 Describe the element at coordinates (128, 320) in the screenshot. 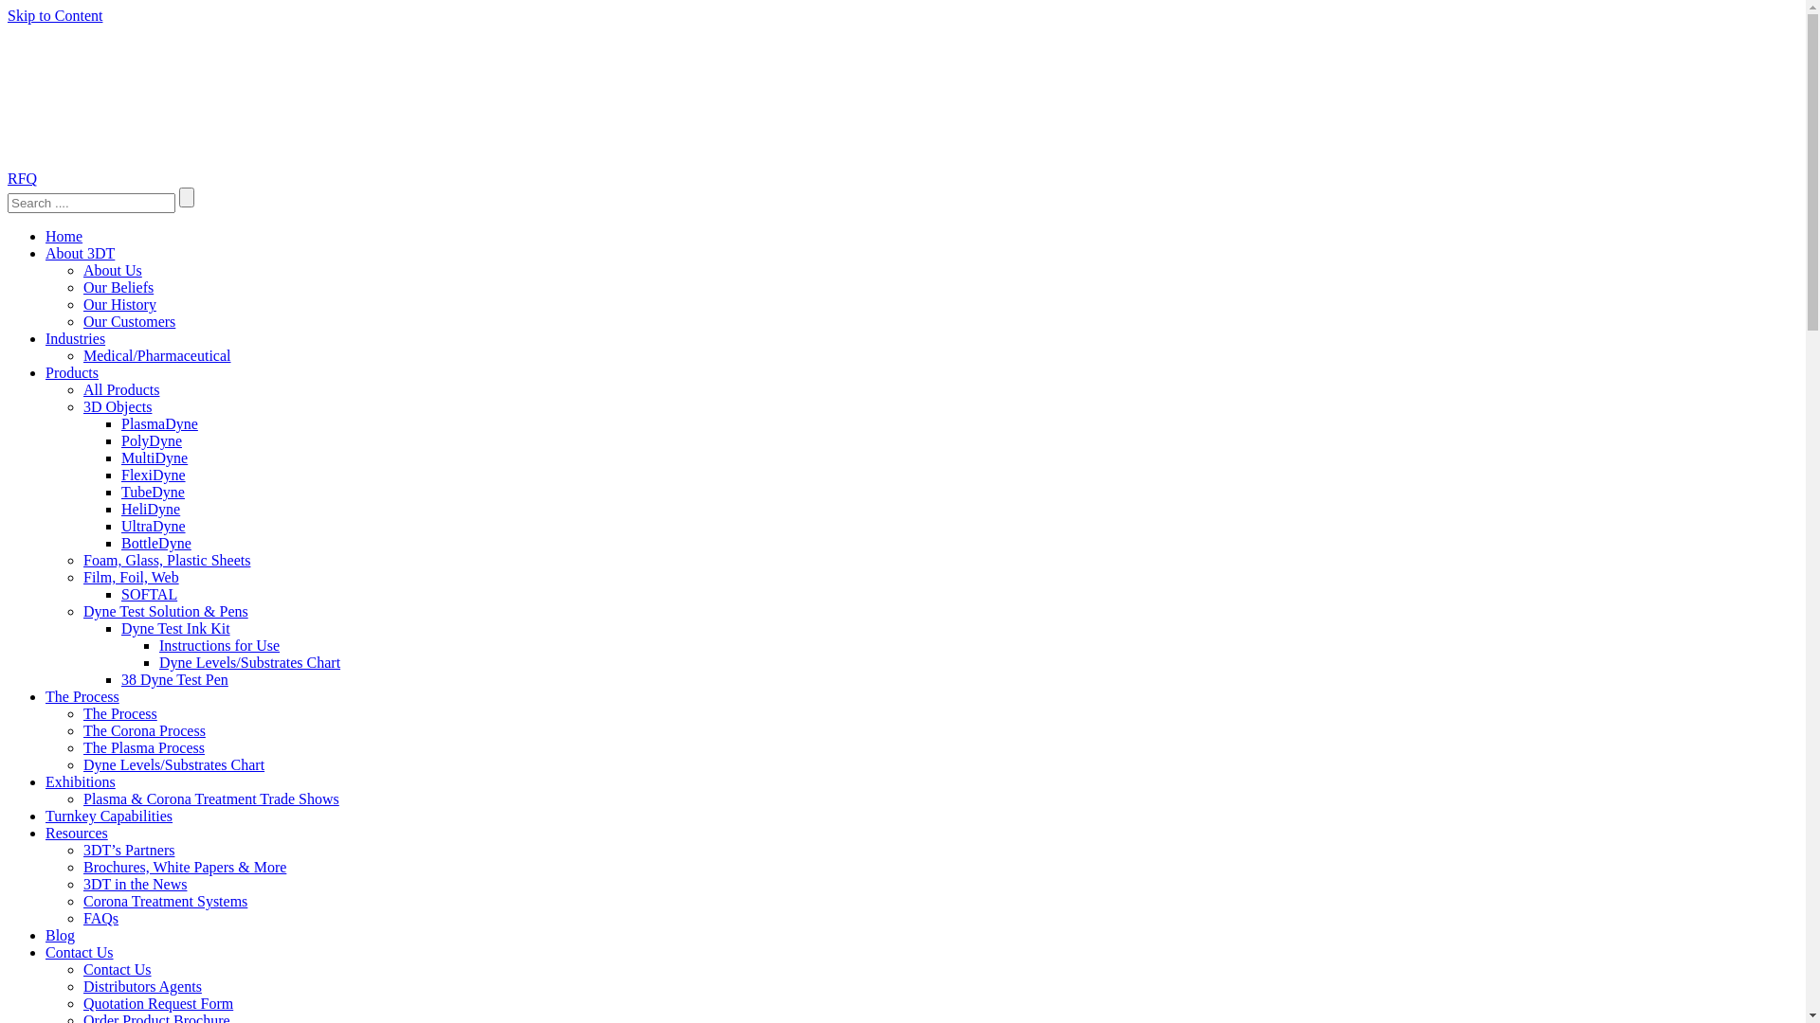

I see `'Our Customers'` at that location.